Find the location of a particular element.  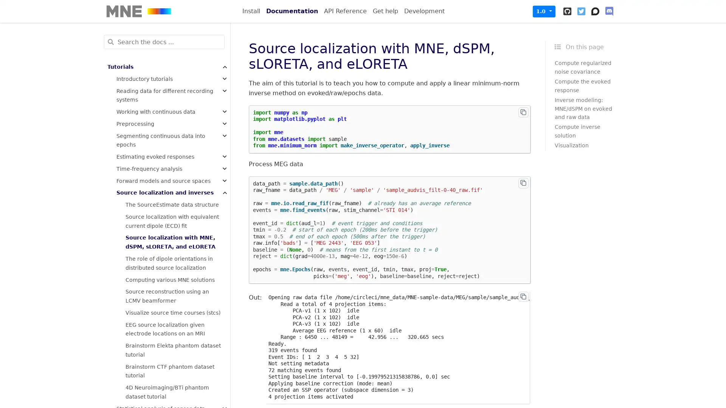

1.0 is located at coordinates (544, 11).